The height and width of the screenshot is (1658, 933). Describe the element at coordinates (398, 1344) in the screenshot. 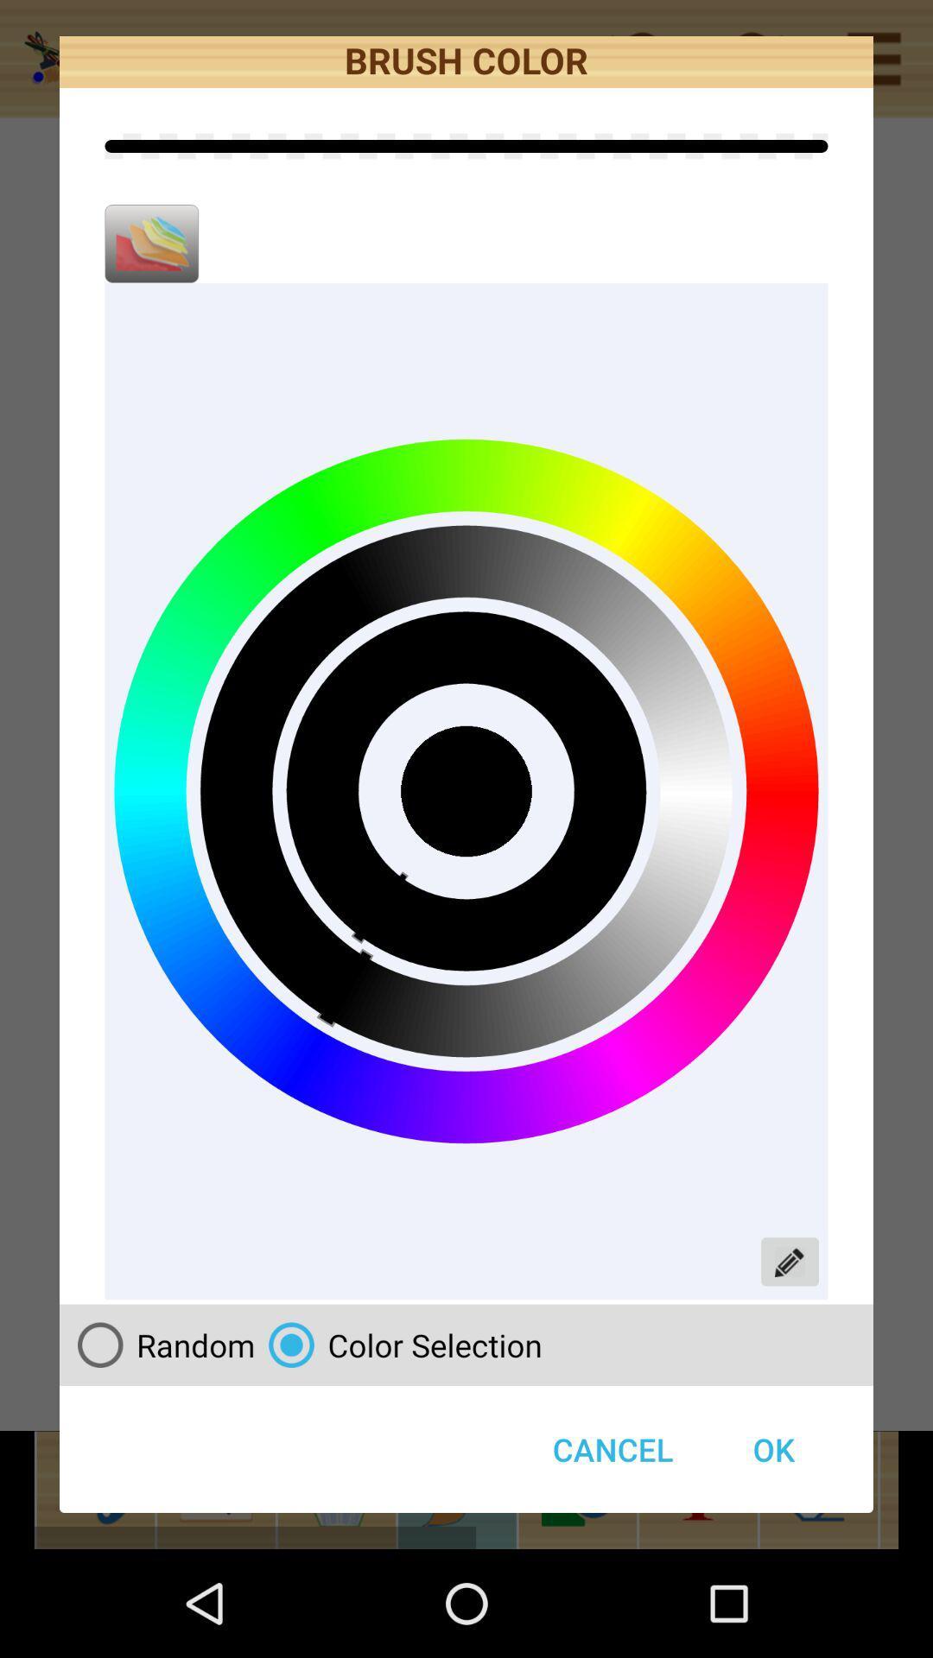

I see `the radio button next to the random radio button` at that location.